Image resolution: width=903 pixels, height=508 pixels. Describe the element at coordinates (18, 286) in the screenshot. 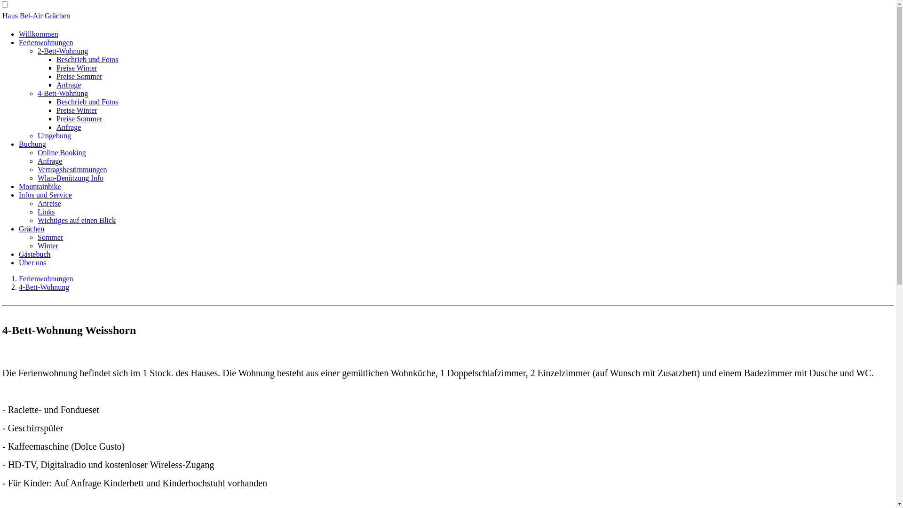

I see `'4-Bett-Wohnung'` at that location.